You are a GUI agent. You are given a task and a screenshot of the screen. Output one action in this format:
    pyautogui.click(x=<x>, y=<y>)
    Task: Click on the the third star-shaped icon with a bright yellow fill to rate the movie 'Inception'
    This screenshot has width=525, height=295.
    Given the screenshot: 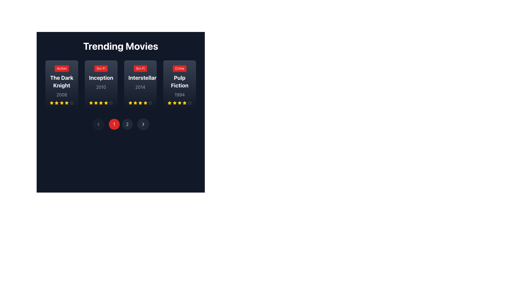 What is the action you would take?
    pyautogui.click(x=96, y=103)
    